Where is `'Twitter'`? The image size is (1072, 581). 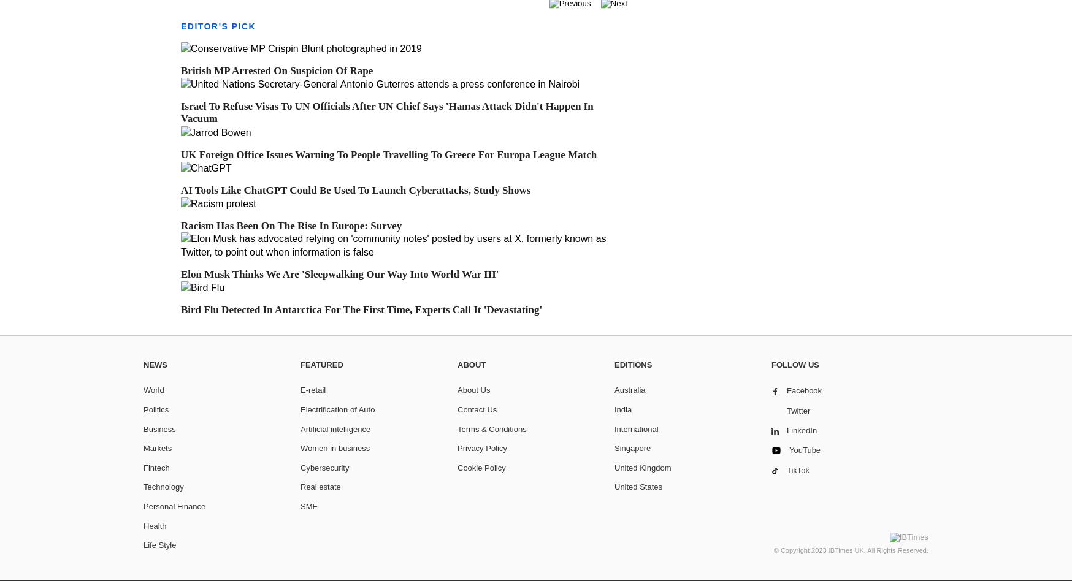 'Twitter' is located at coordinates (787, 409).